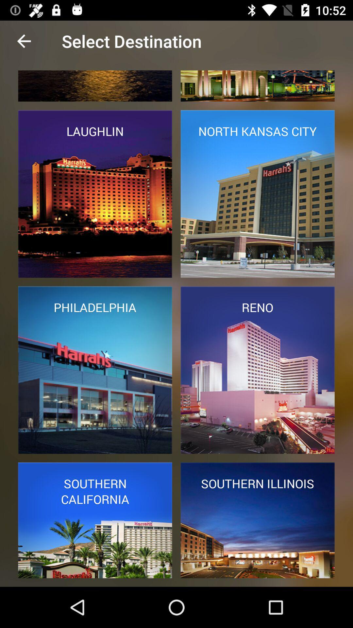 The image size is (353, 628). What do you see at coordinates (24, 41) in the screenshot?
I see `item to the left of select destination` at bounding box center [24, 41].